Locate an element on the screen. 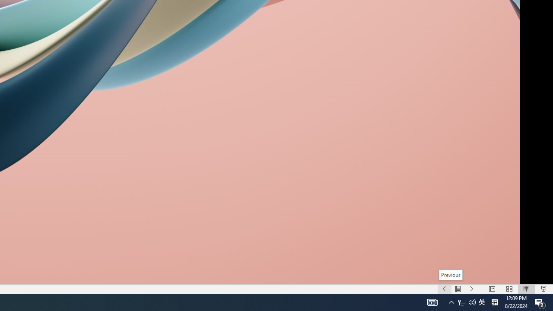 The image size is (553, 311). 'Slide Show Previous On' is located at coordinates (444, 289).